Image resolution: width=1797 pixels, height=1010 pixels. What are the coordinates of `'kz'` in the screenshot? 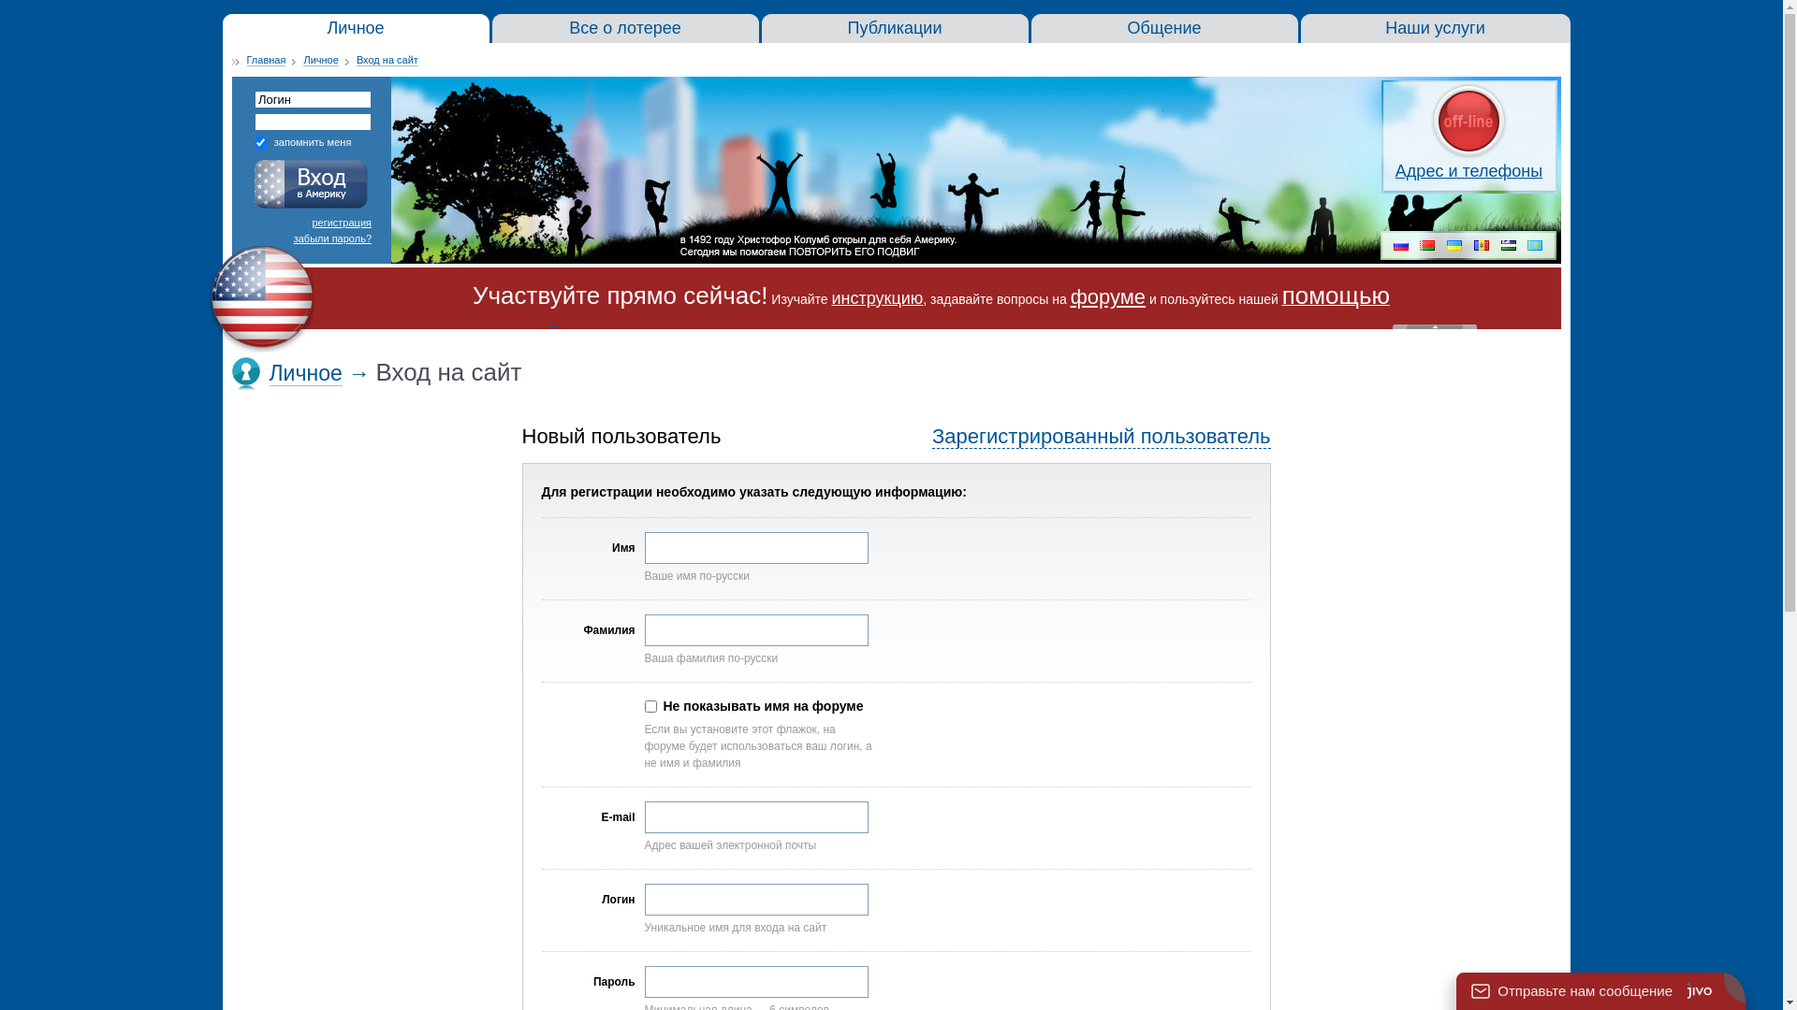 It's located at (1535, 246).